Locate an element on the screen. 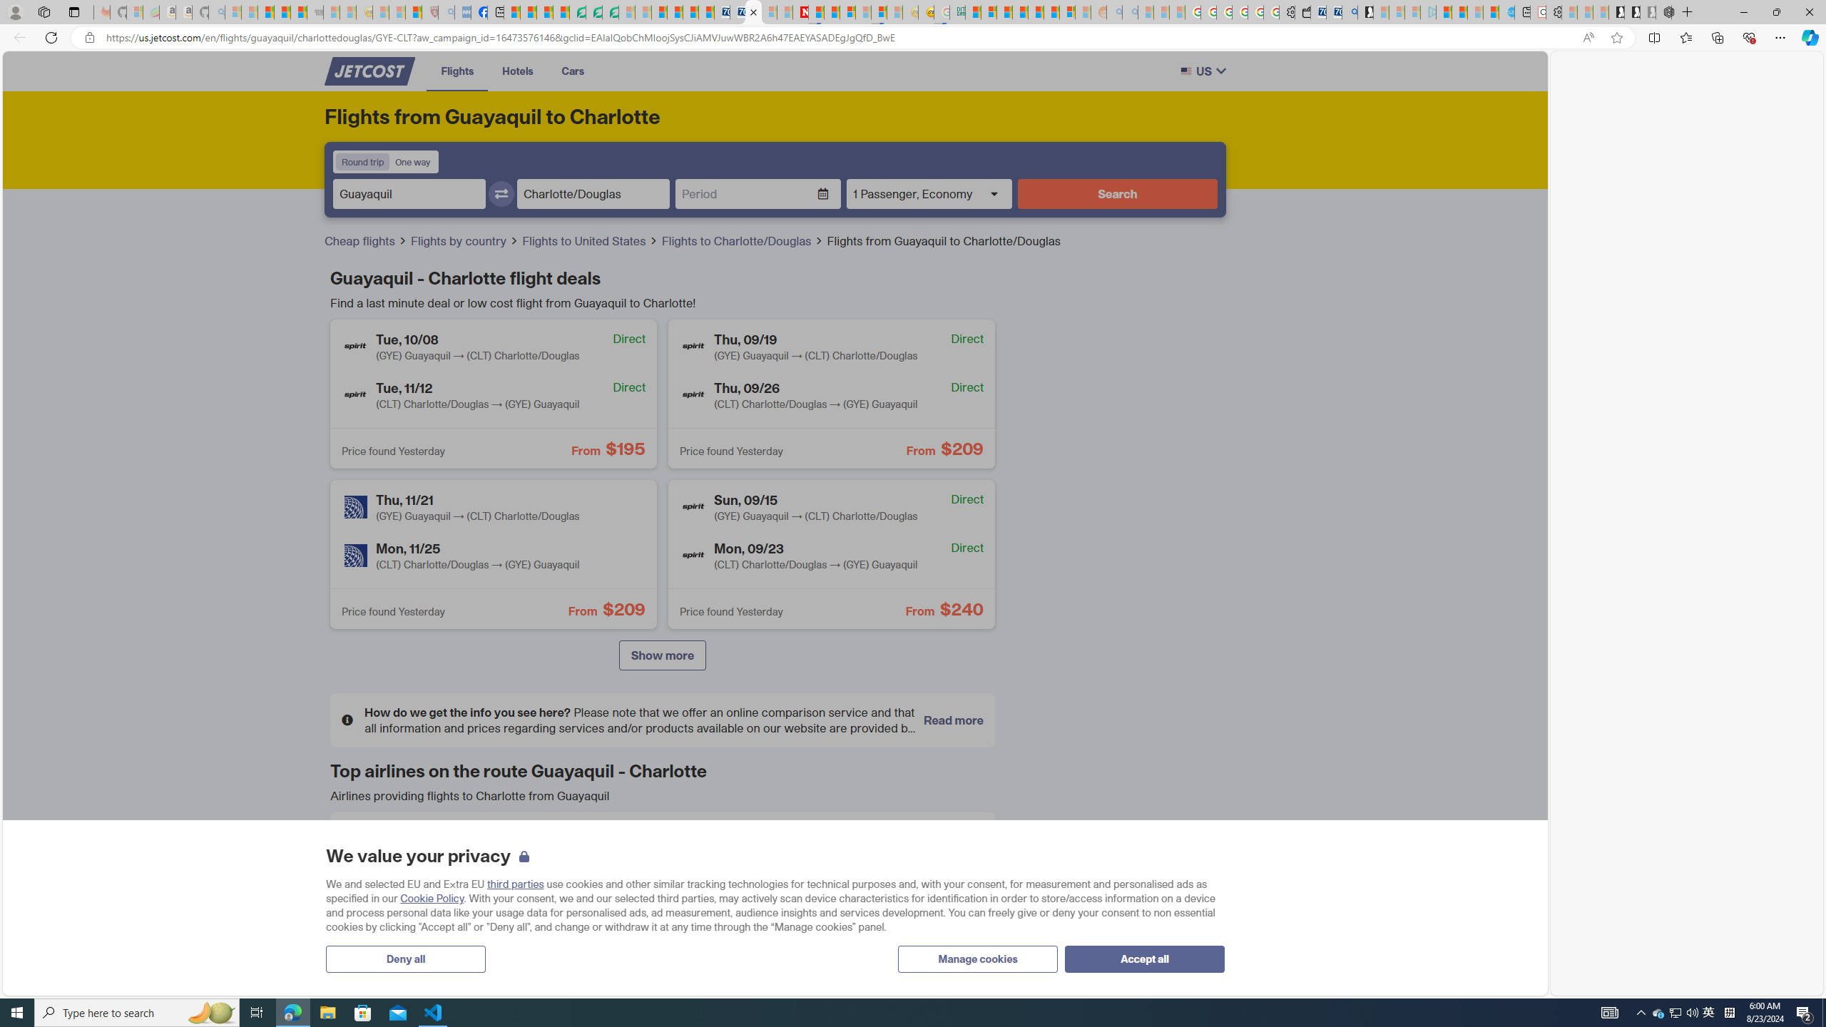  'Wallet' is located at coordinates (1302, 11).